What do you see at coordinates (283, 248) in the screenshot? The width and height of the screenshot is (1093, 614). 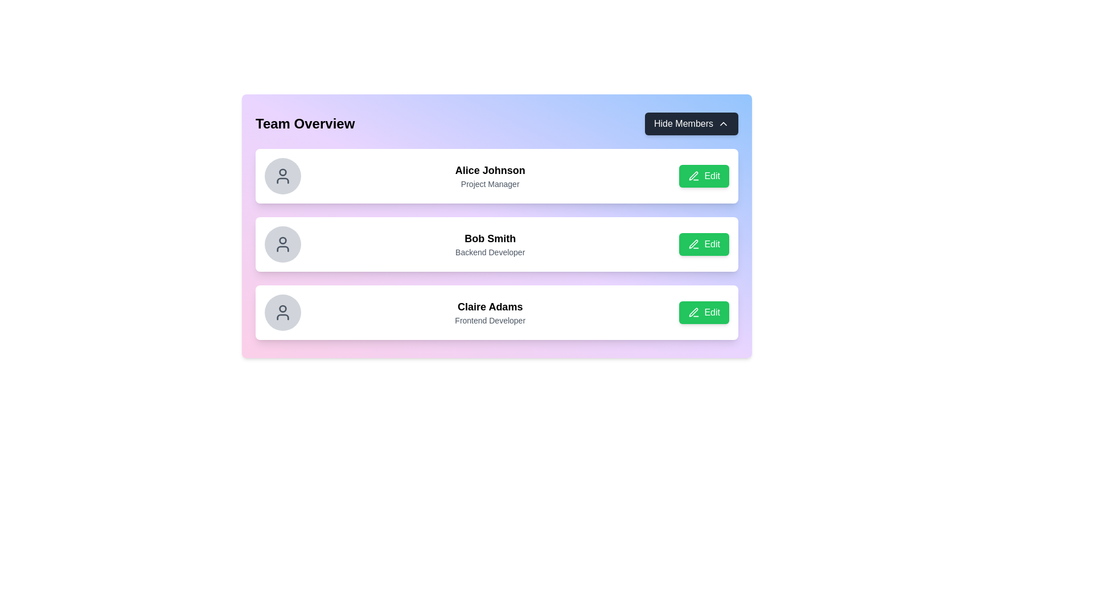 I see `the user profile icon for 'Bob Smith' located in the second entry of the vertical list of user profiles` at bounding box center [283, 248].